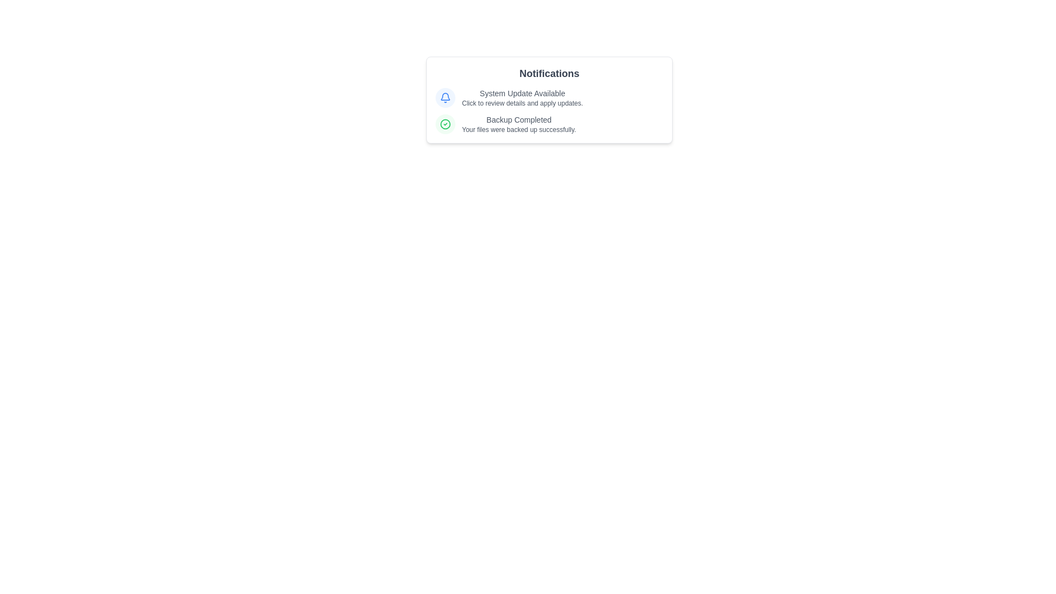 Image resolution: width=1056 pixels, height=594 pixels. I want to click on the visual indicator icon located to the left of the 'Backup Completed' notification, so click(446, 124).